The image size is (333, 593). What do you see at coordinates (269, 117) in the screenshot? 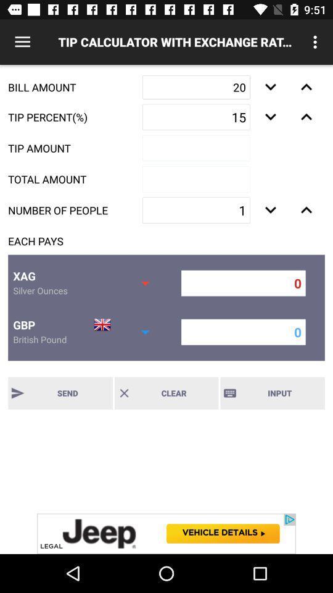
I see `decrease tip percent amount` at bounding box center [269, 117].